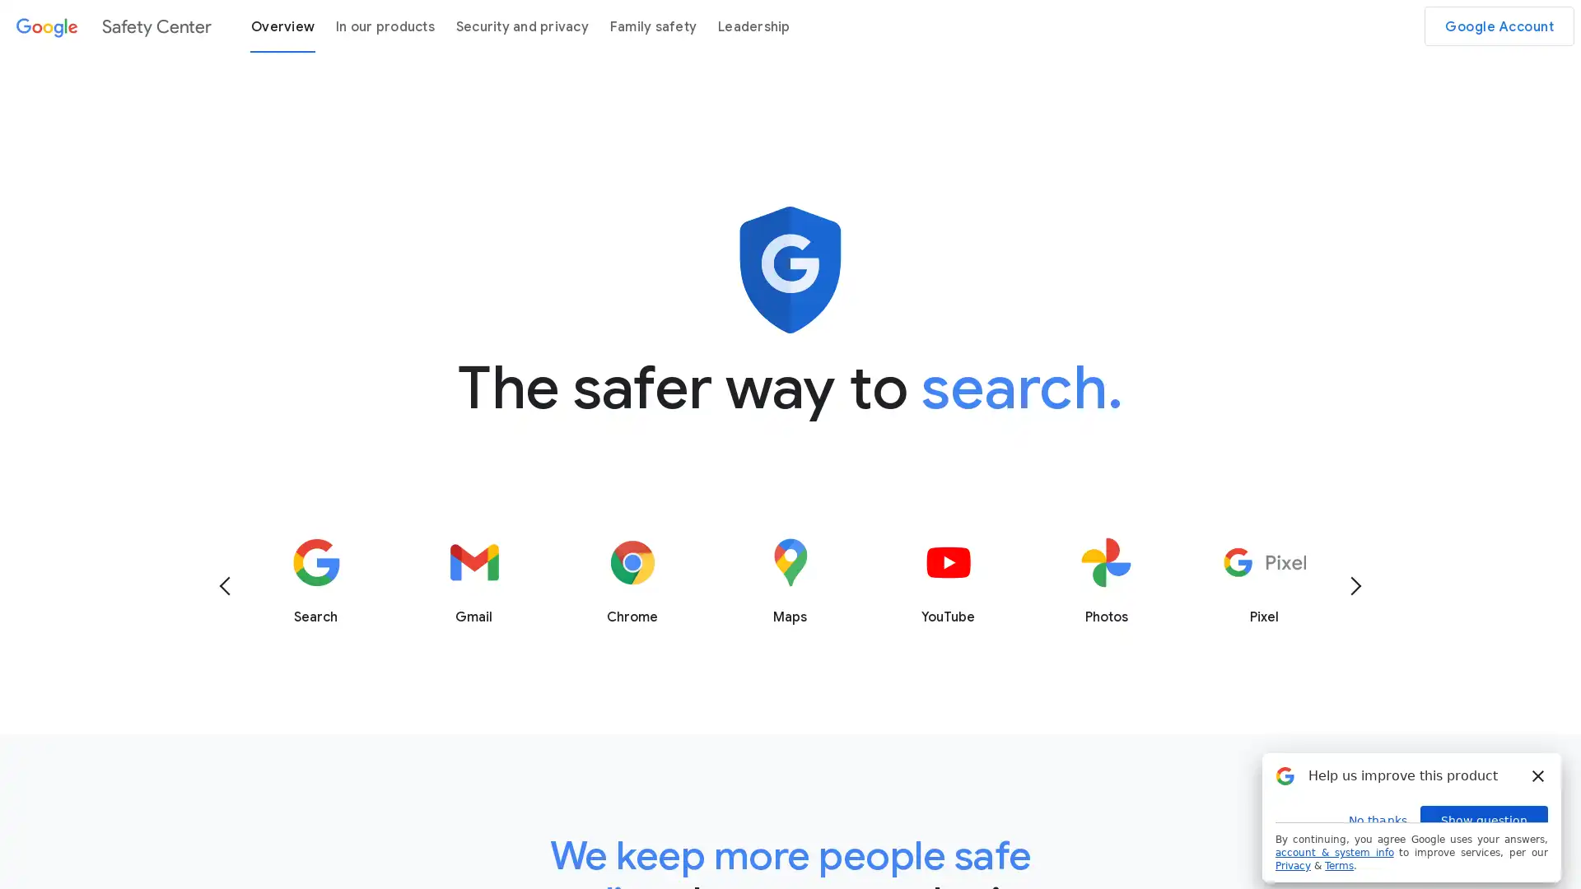 This screenshot has height=889, width=1581. What do you see at coordinates (1355, 584) in the screenshot?
I see `Next` at bounding box center [1355, 584].